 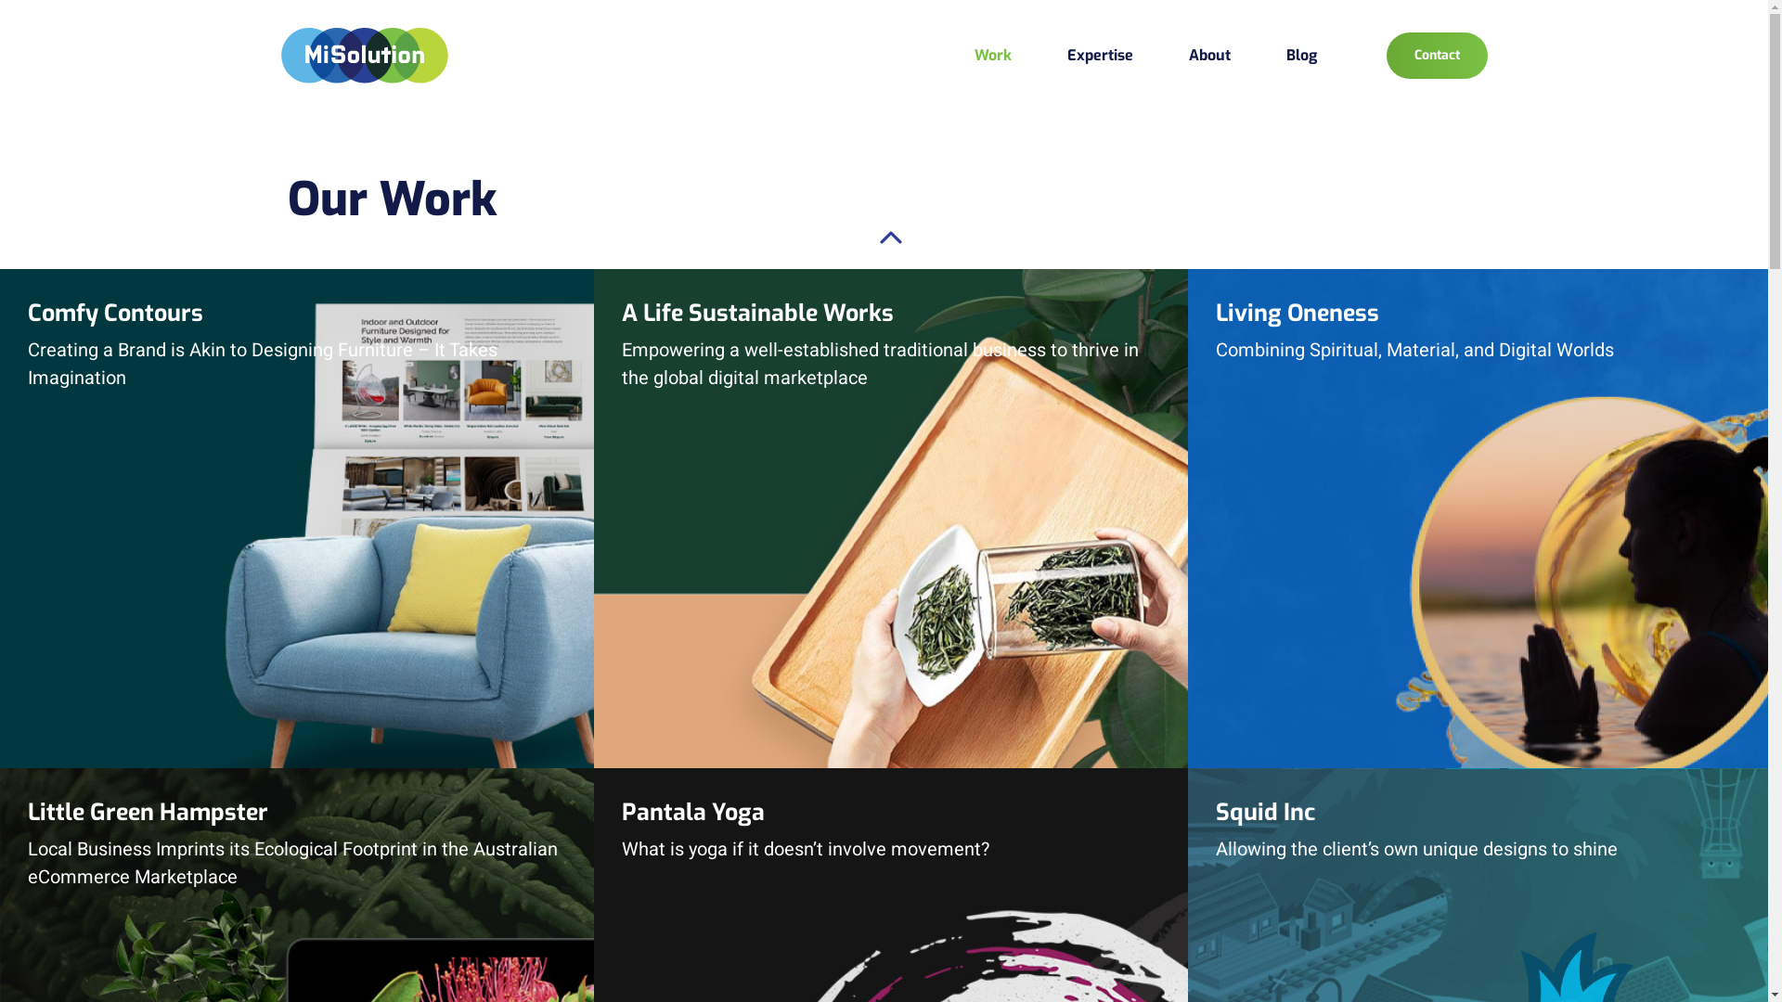 What do you see at coordinates (1208, 54) in the screenshot?
I see `'About'` at bounding box center [1208, 54].